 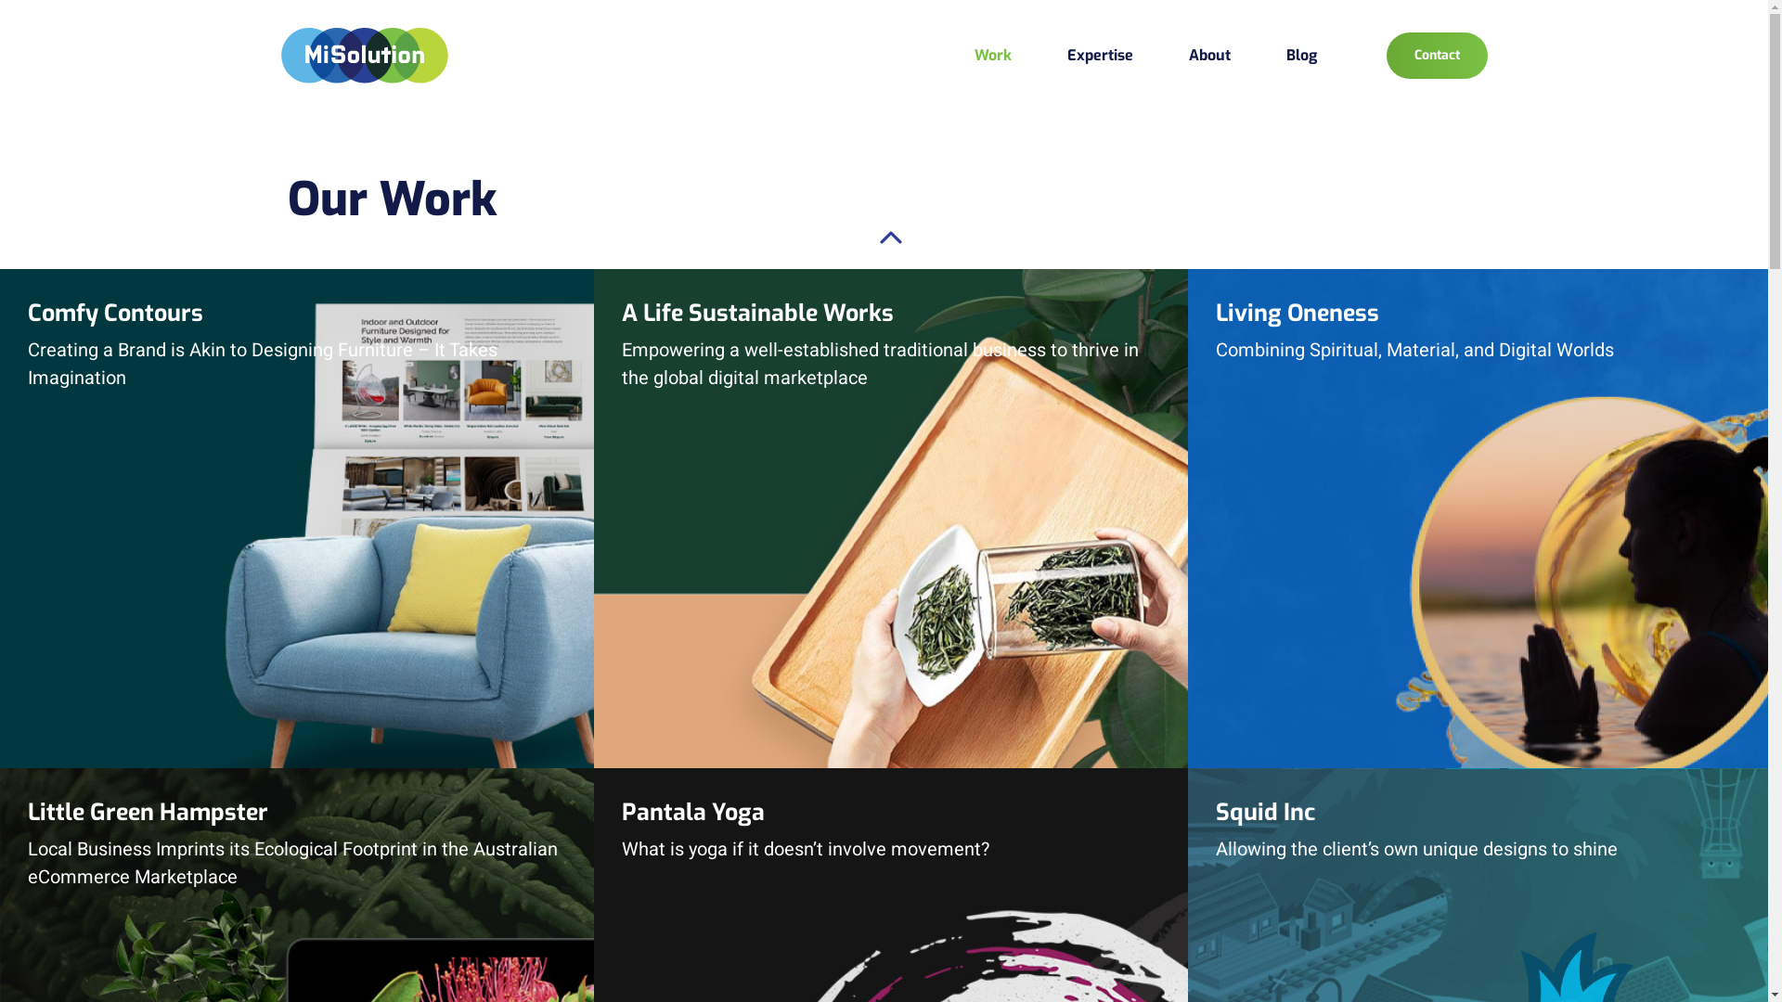 What do you see at coordinates (1208, 54) in the screenshot?
I see `'About'` at bounding box center [1208, 54].